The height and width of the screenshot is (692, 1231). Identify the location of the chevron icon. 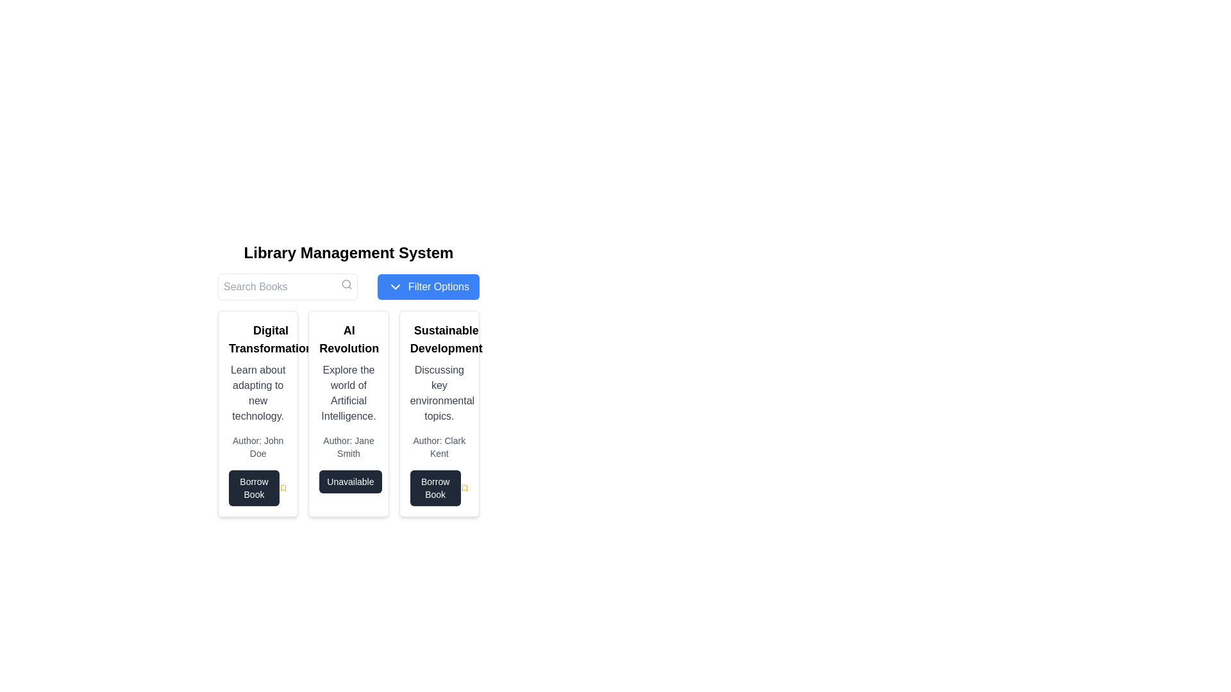
(394, 286).